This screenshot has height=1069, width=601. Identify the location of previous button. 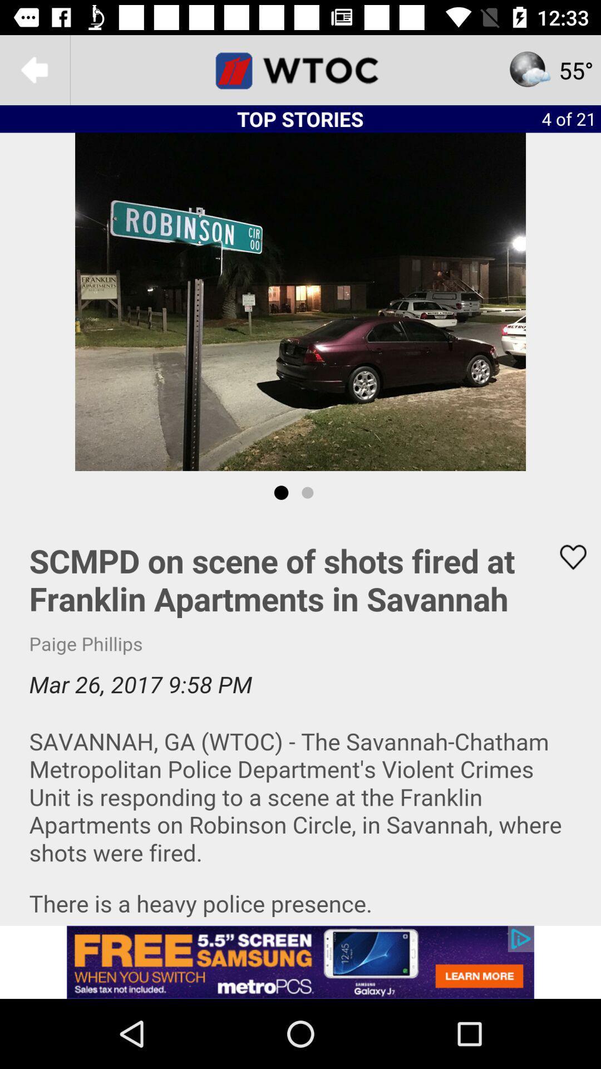
(34, 69).